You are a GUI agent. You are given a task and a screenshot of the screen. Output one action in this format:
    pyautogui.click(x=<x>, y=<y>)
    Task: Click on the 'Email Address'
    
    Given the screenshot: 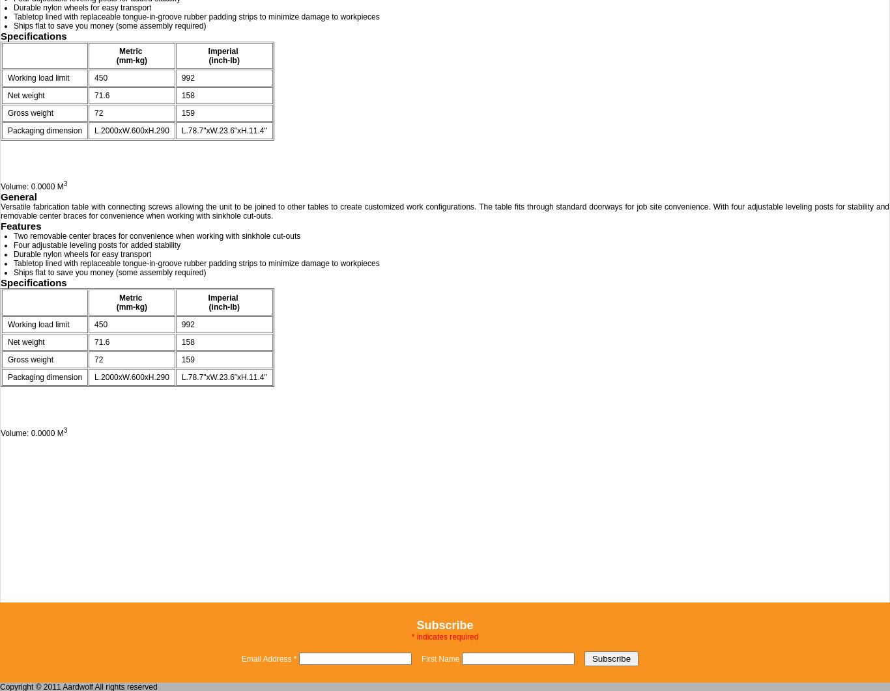 What is the action you would take?
    pyautogui.click(x=266, y=658)
    